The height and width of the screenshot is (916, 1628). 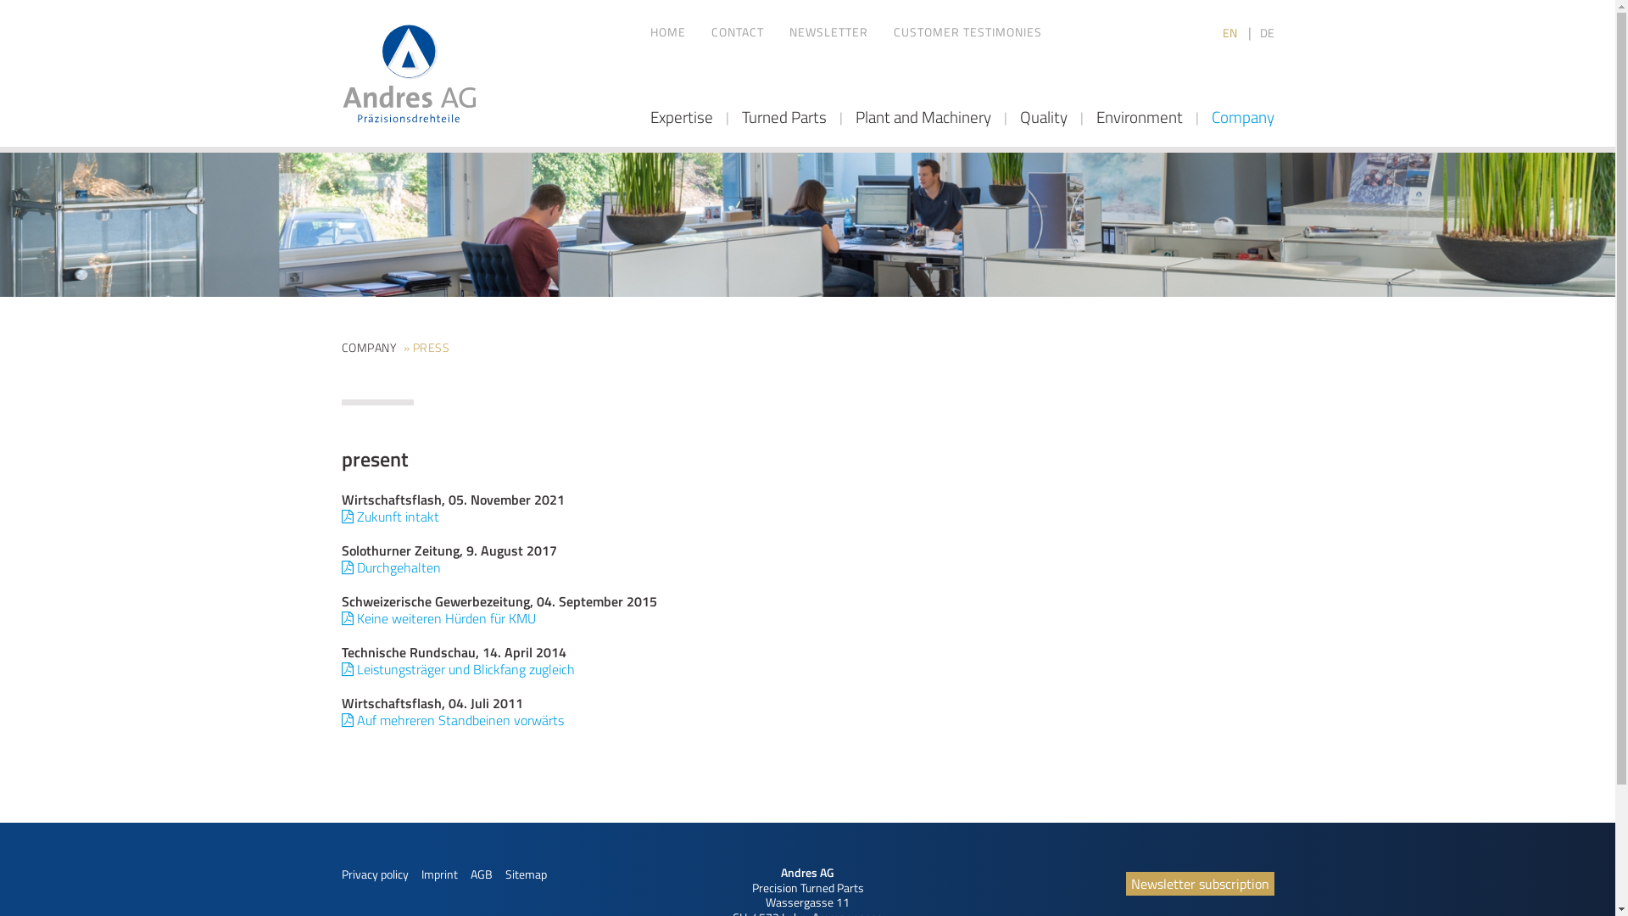 I want to click on 'DE', so click(x=1267, y=32).